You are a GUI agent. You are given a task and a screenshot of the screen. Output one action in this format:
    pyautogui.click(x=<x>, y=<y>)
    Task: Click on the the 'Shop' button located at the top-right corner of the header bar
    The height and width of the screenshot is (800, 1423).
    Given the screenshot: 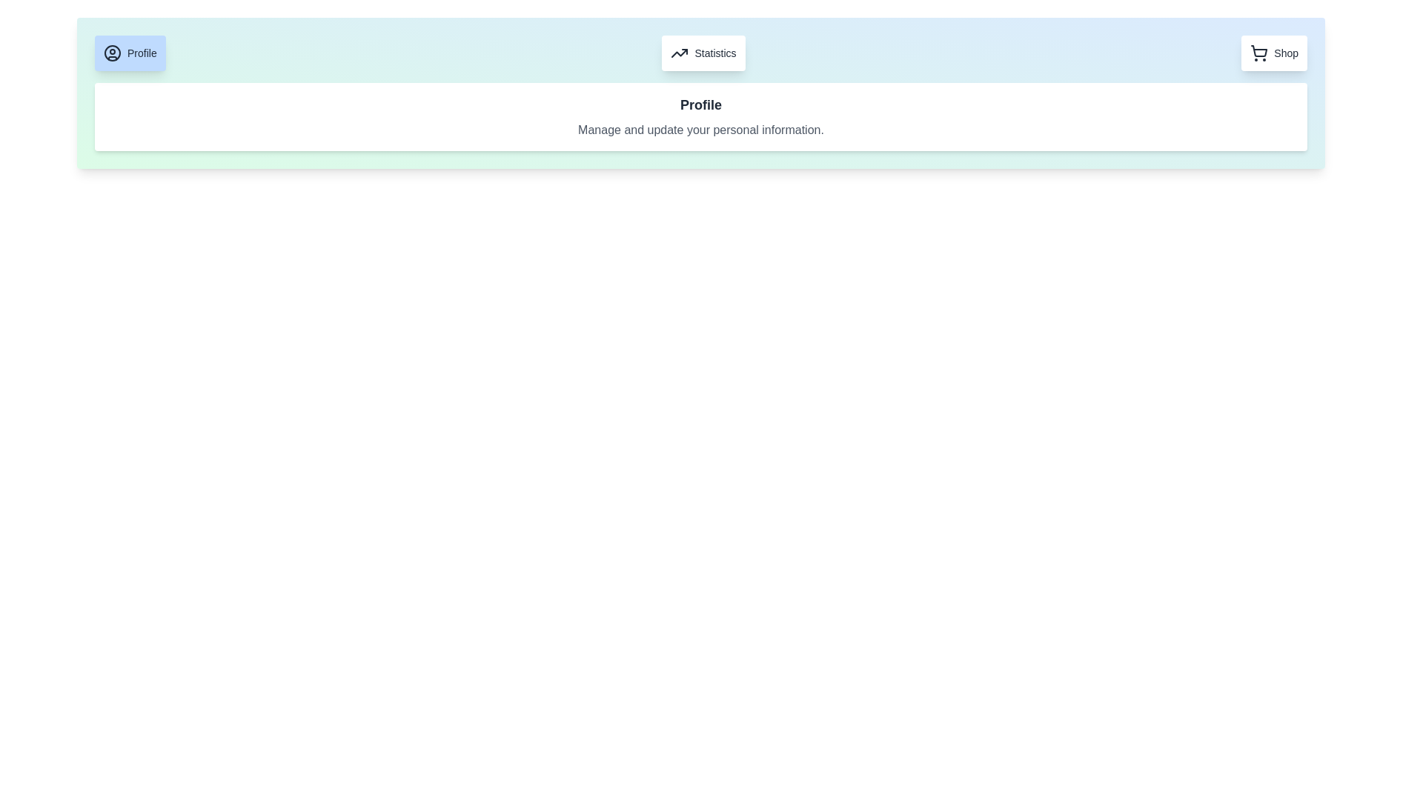 What is the action you would take?
    pyautogui.click(x=1273, y=53)
    